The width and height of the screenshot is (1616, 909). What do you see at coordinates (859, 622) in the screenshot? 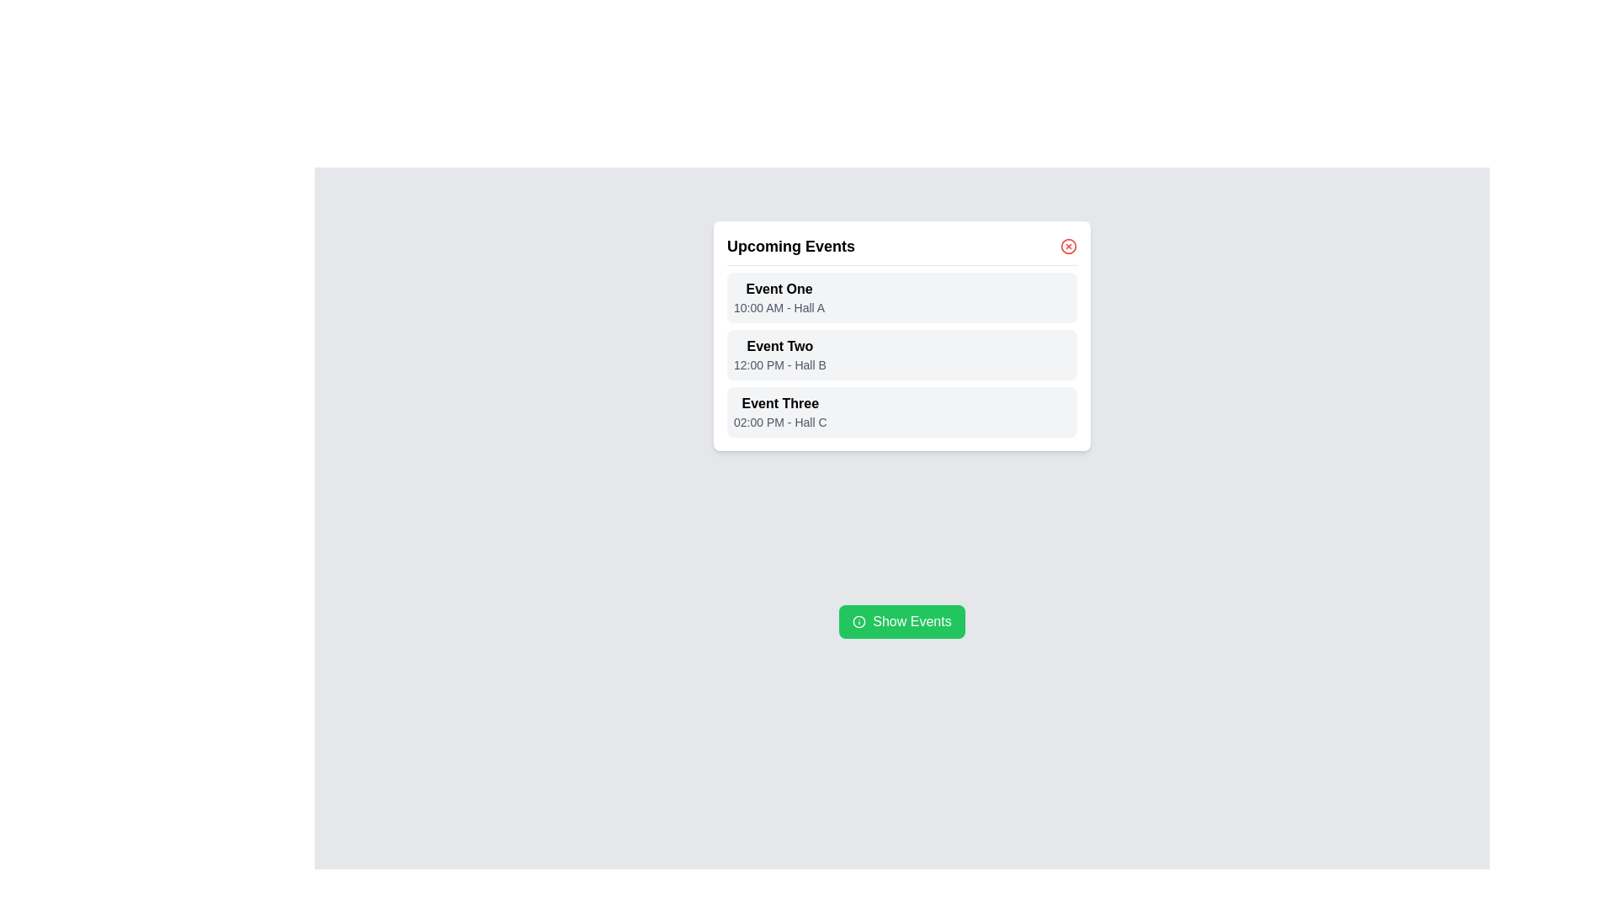
I see `the SVG graphical circle element that represents an informational icon near the 'Upcoming Events' title` at bounding box center [859, 622].